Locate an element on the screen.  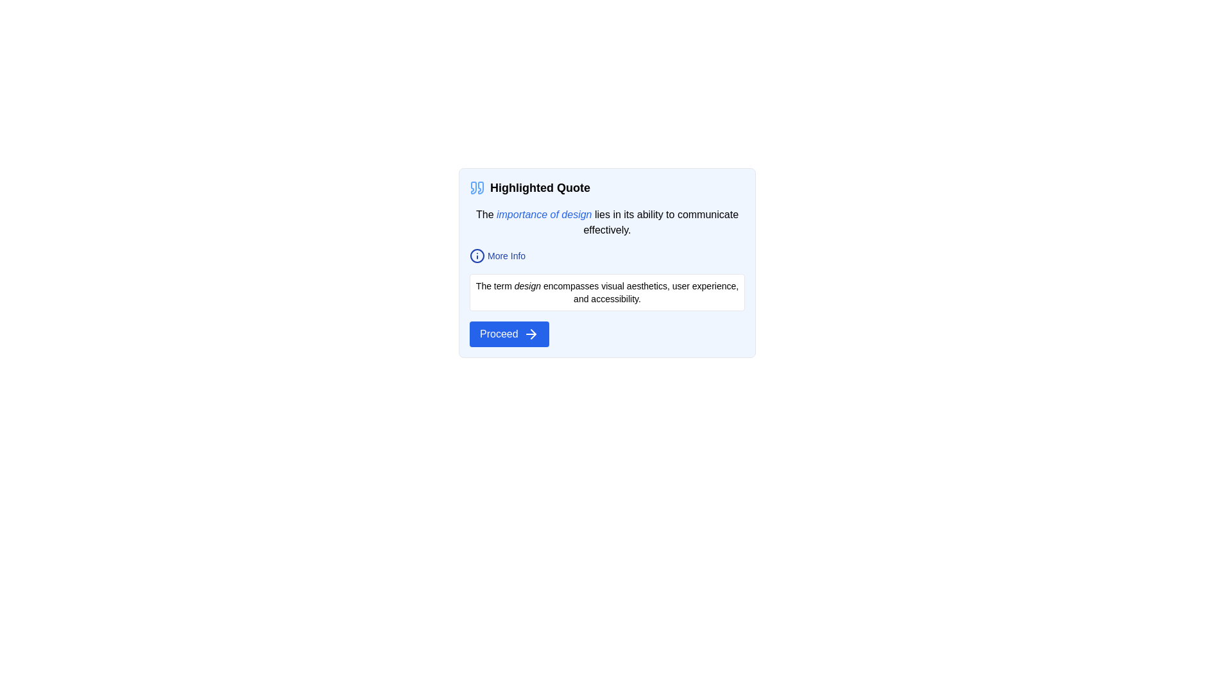
the button containing the 'Proceed' text label is located at coordinates (498, 333).